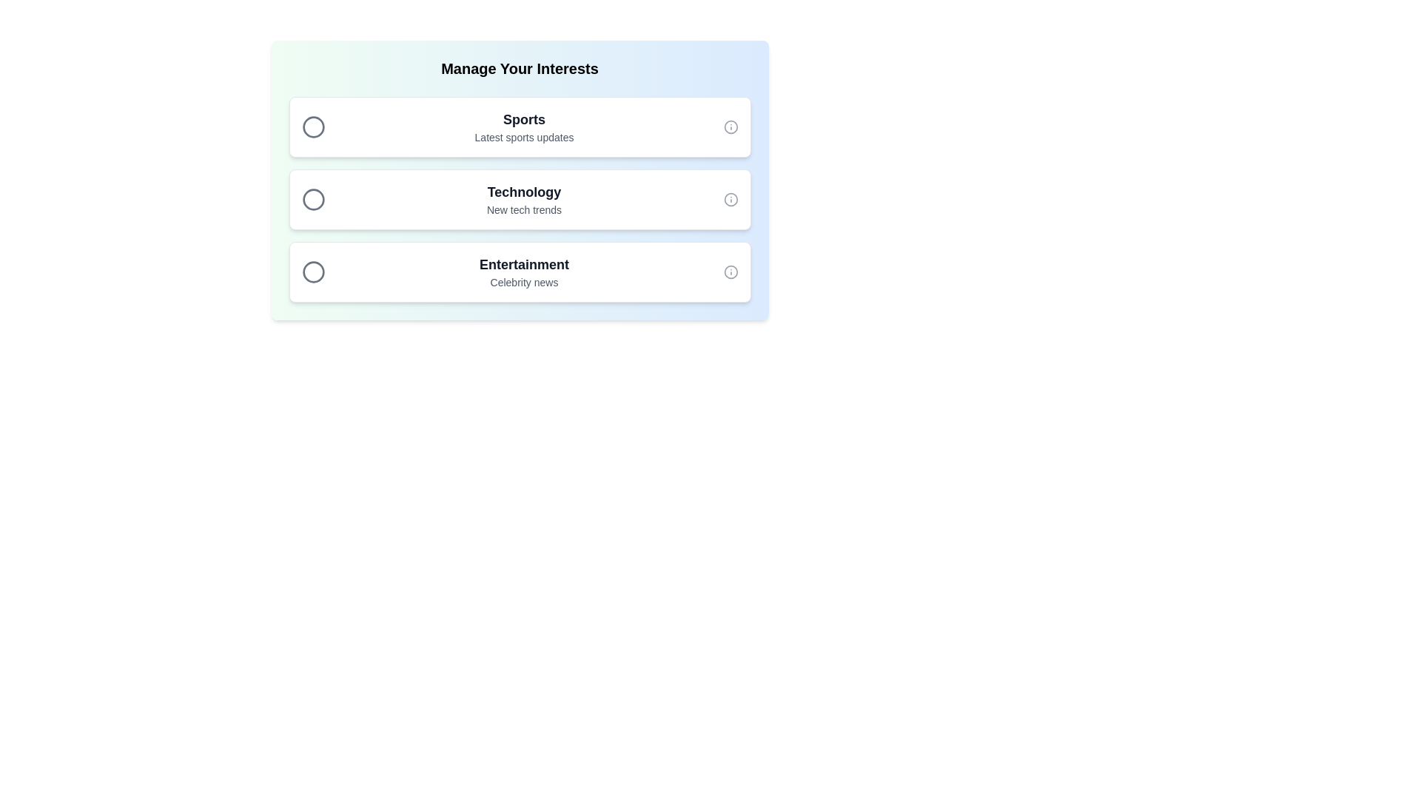 The height and width of the screenshot is (799, 1421). Describe the element at coordinates (520, 200) in the screenshot. I see `the chip item labeled Technology by clicking on it` at that location.